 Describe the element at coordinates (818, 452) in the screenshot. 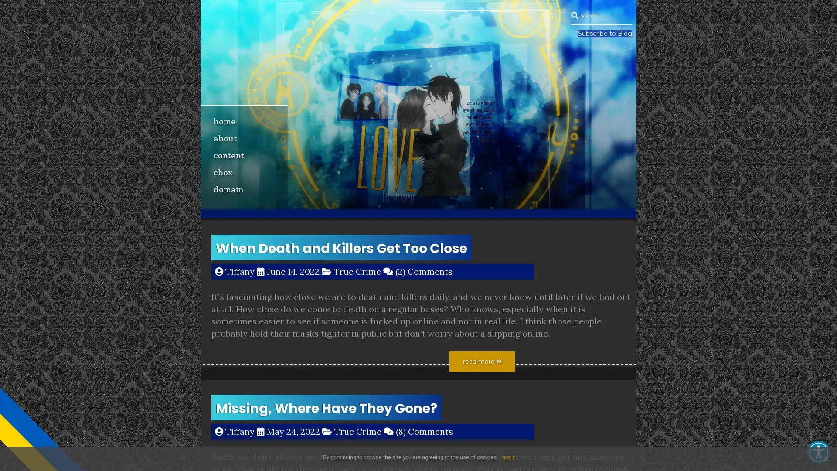

I see `Open Accessibility Toolbar` at that location.